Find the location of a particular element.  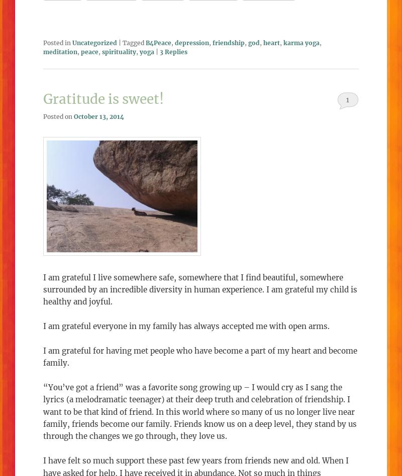

'Uncategorized' is located at coordinates (94, 42).